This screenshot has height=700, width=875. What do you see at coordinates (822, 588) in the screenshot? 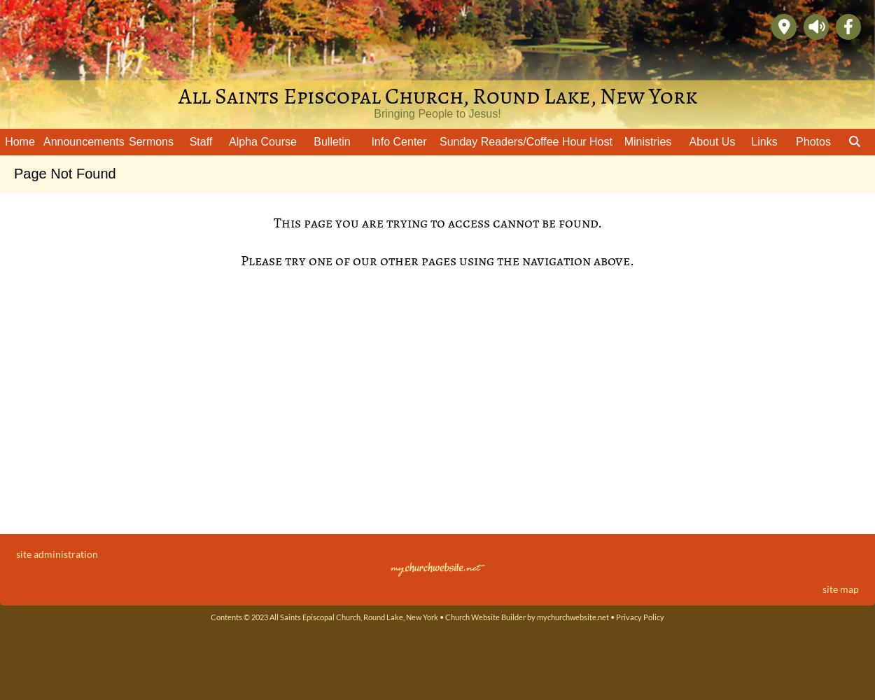
I see `'site map'` at bounding box center [822, 588].